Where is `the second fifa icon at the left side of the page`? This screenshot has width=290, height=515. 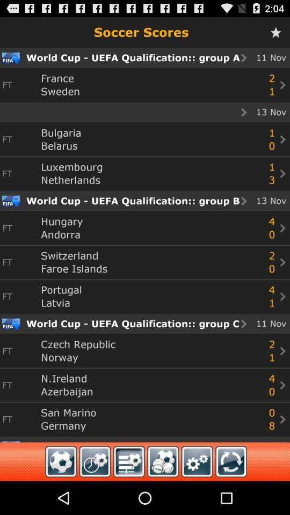
the second fifa icon at the left side of the page is located at coordinates (10, 200).